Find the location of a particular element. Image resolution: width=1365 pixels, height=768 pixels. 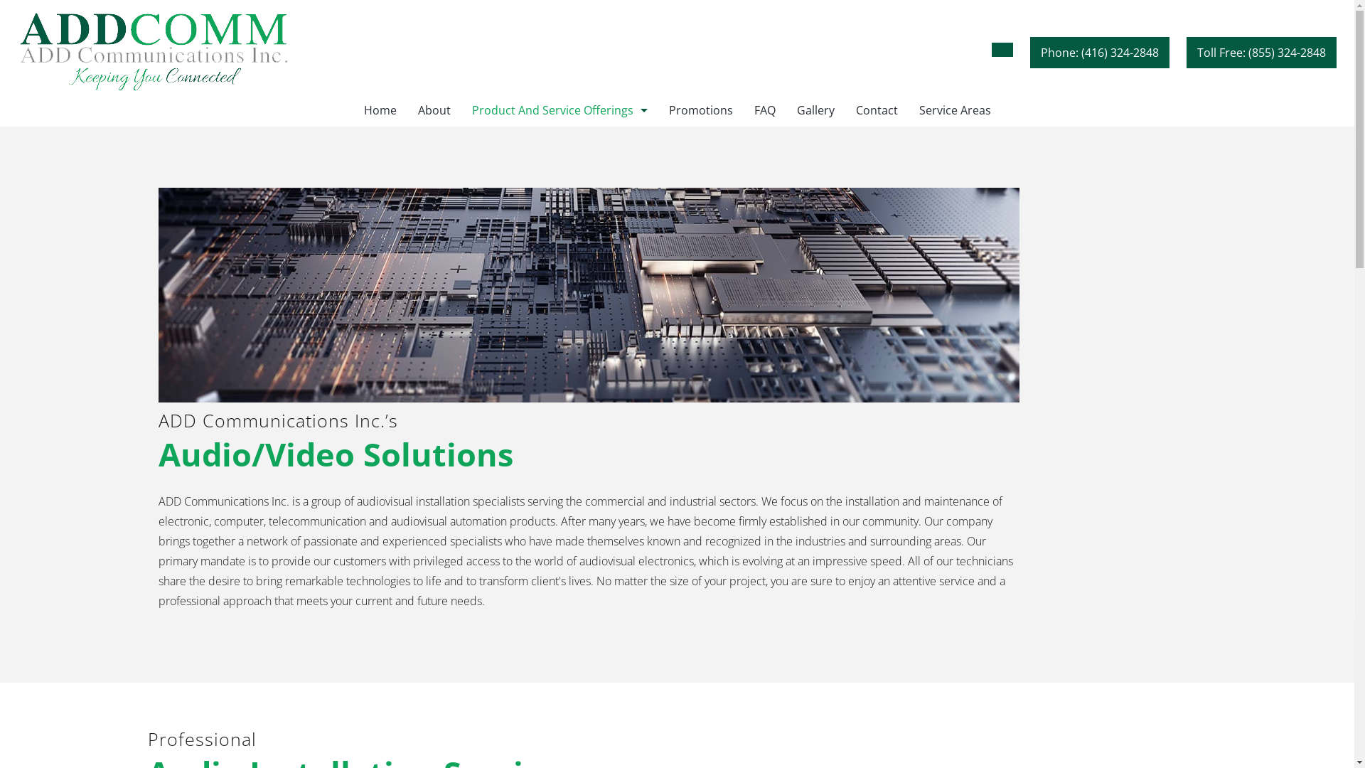

'Gallery' is located at coordinates (815, 110).